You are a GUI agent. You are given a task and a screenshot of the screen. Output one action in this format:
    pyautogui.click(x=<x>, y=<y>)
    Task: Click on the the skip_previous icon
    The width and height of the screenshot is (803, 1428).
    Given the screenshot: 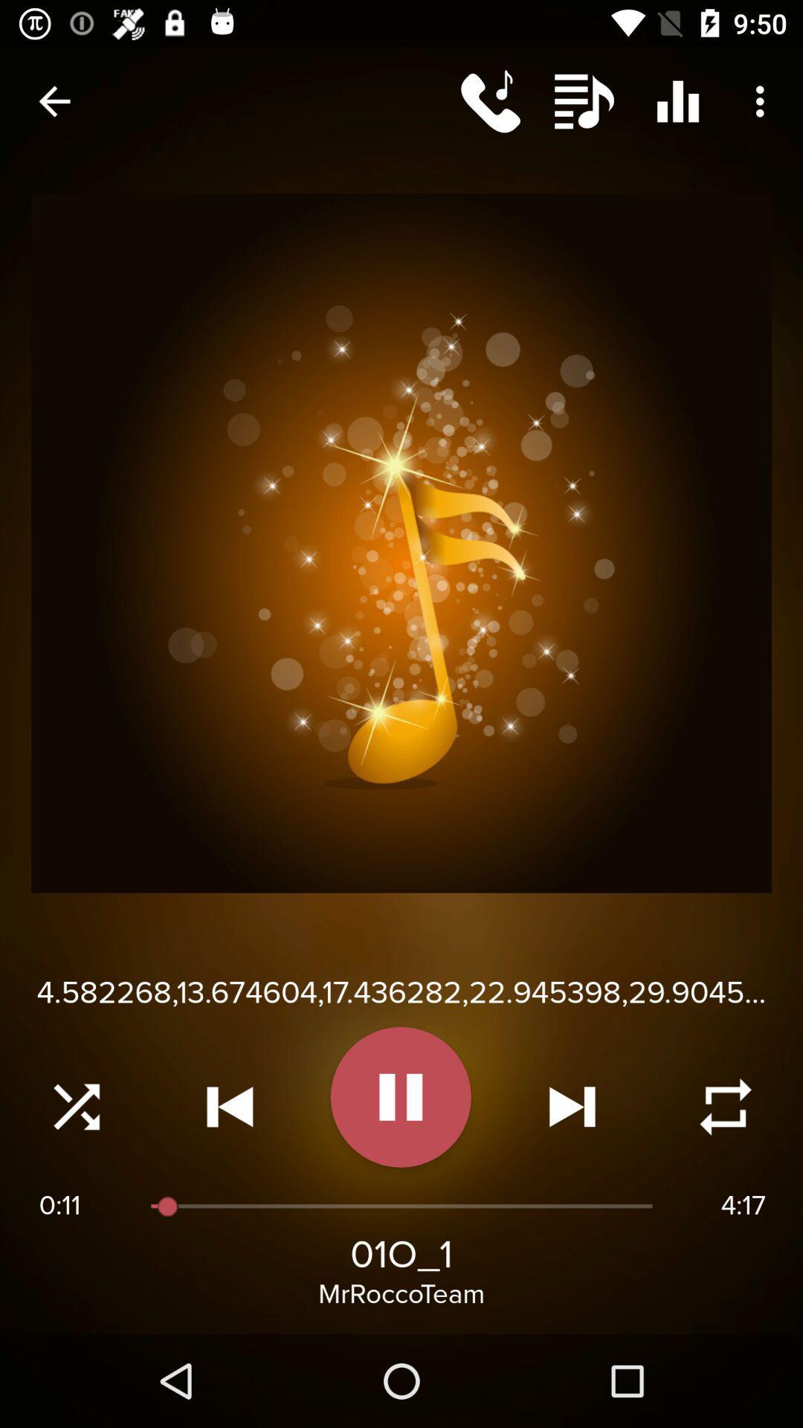 What is the action you would take?
    pyautogui.click(x=230, y=1107)
    